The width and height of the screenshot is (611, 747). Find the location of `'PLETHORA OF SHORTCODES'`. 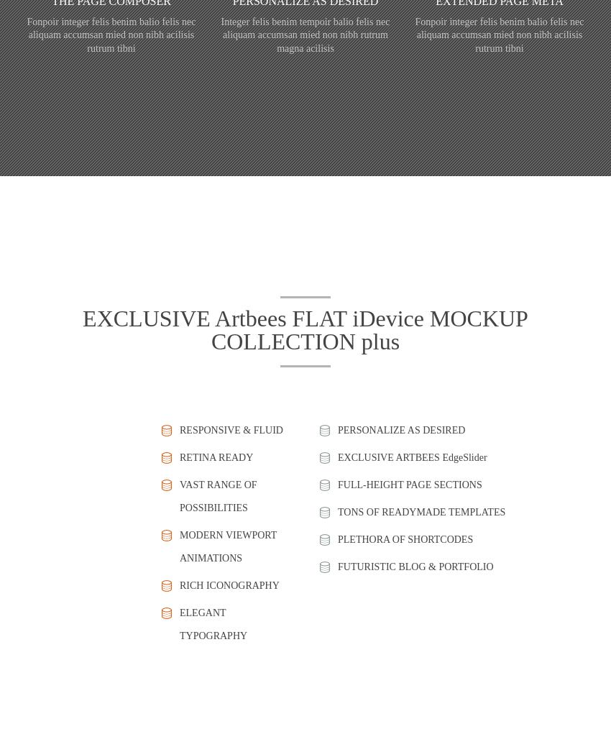

'PLETHORA OF SHORTCODES' is located at coordinates (405, 538).